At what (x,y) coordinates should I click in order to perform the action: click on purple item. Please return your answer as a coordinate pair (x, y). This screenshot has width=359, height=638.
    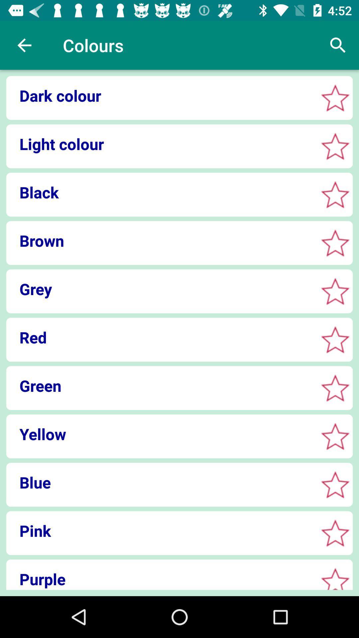
    Looking at the image, I should click on (160, 579).